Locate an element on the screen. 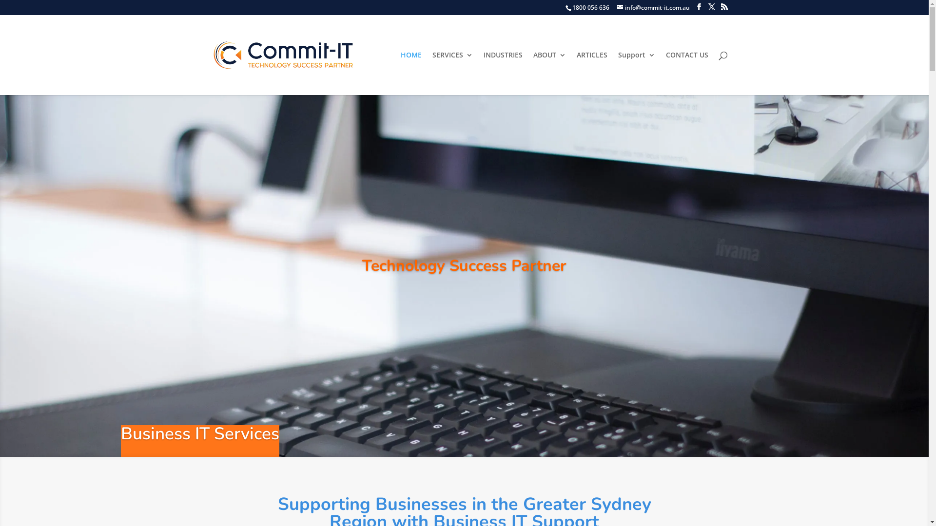 The image size is (936, 526). 'HOME' is located at coordinates (411, 73).